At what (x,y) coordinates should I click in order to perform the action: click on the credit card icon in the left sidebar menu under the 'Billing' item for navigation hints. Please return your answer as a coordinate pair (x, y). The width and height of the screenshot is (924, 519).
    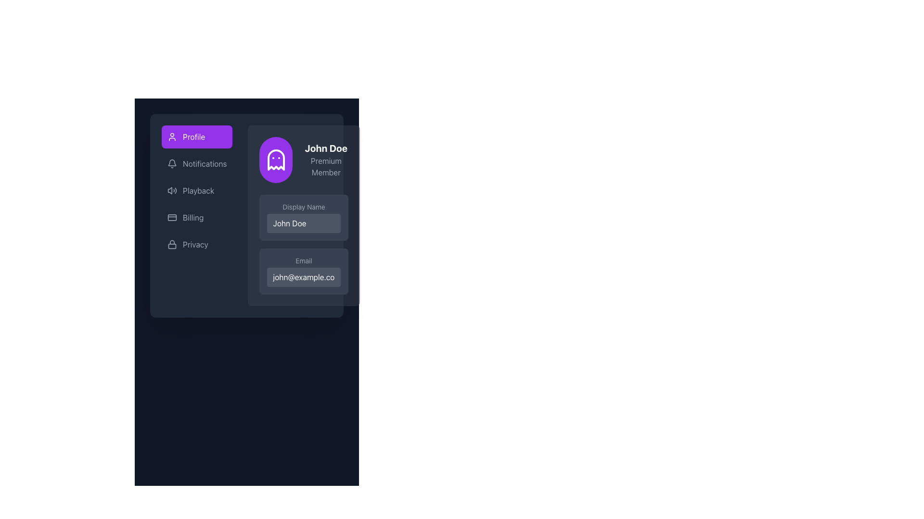
    Looking at the image, I should click on (172, 217).